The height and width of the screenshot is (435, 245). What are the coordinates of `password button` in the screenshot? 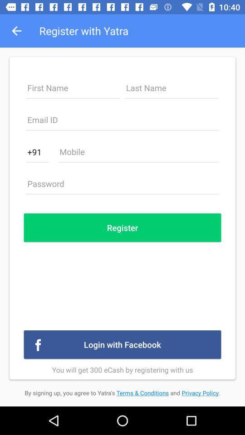 It's located at (122, 186).